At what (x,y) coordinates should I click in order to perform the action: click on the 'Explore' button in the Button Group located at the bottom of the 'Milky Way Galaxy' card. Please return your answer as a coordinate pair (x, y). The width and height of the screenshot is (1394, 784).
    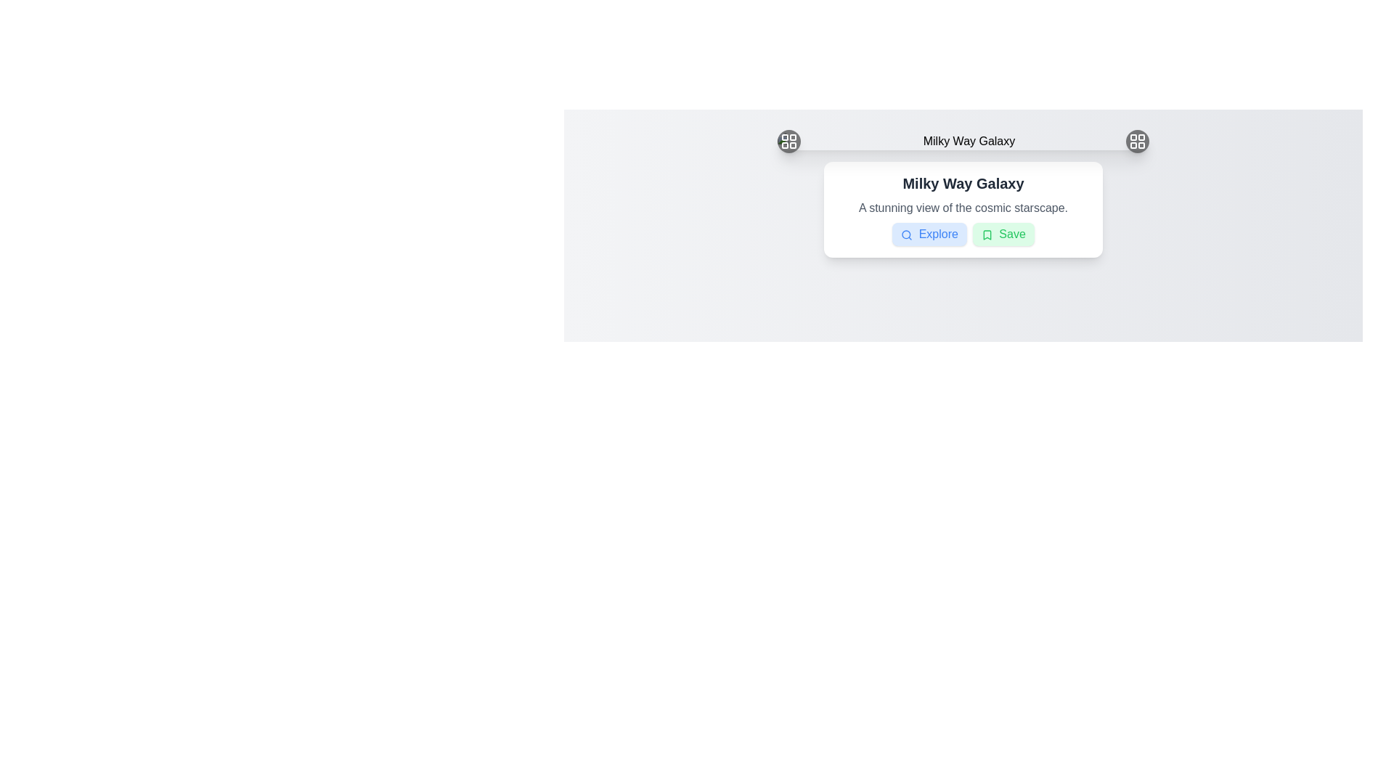
    Looking at the image, I should click on (963, 234).